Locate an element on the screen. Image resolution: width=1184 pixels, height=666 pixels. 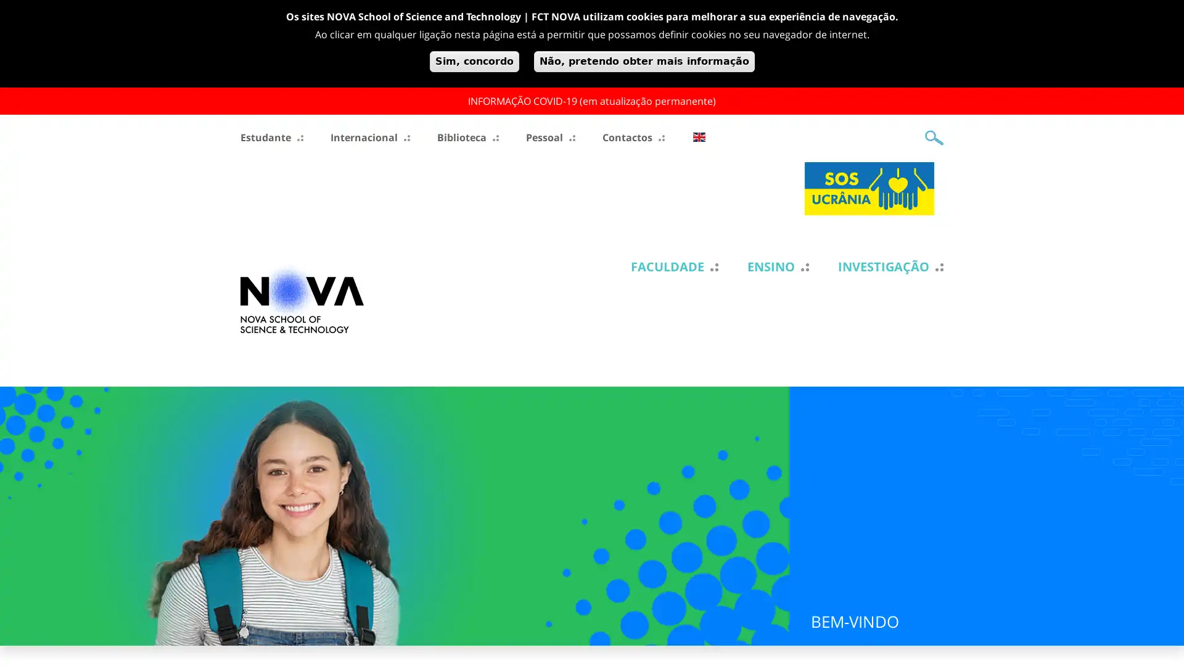
Sim, concordo is located at coordinates (473, 62).